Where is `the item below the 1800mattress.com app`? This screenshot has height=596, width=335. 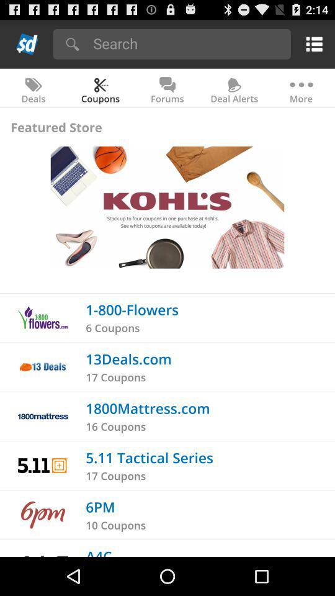 the item below the 1800mattress.com app is located at coordinates (115, 426).